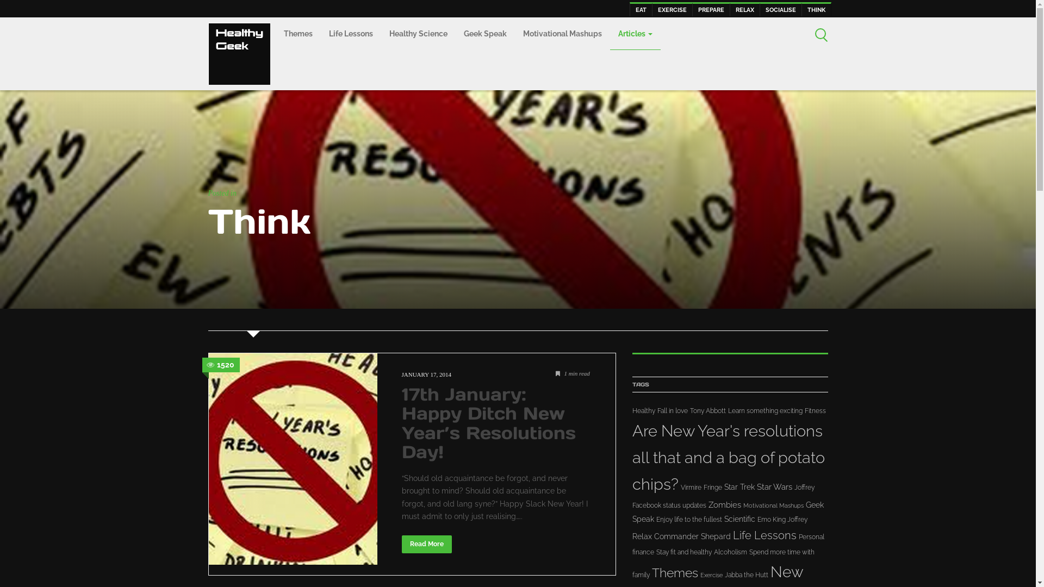  What do you see at coordinates (756, 486) in the screenshot?
I see `'Star Wars'` at bounding box center [756, 486].